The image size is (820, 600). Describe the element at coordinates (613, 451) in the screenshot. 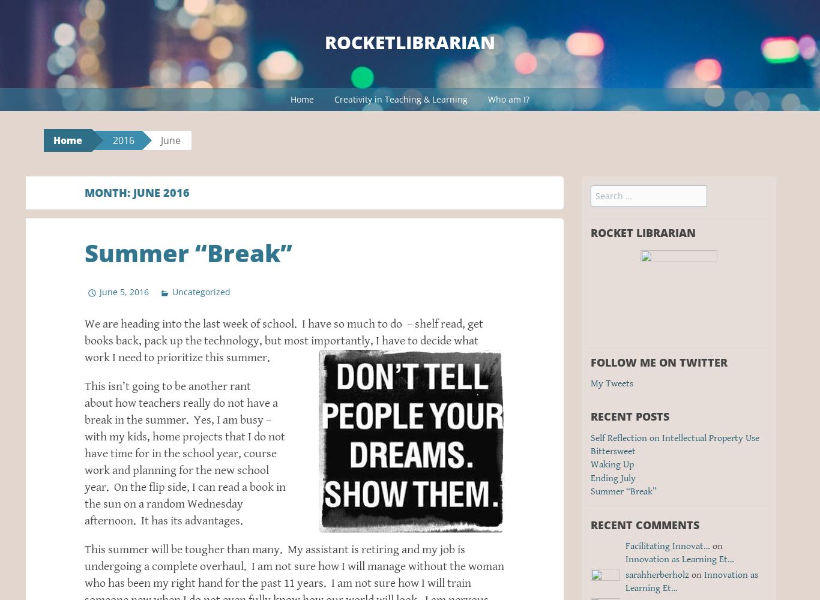

I see `'Bittersweet'` at that location.